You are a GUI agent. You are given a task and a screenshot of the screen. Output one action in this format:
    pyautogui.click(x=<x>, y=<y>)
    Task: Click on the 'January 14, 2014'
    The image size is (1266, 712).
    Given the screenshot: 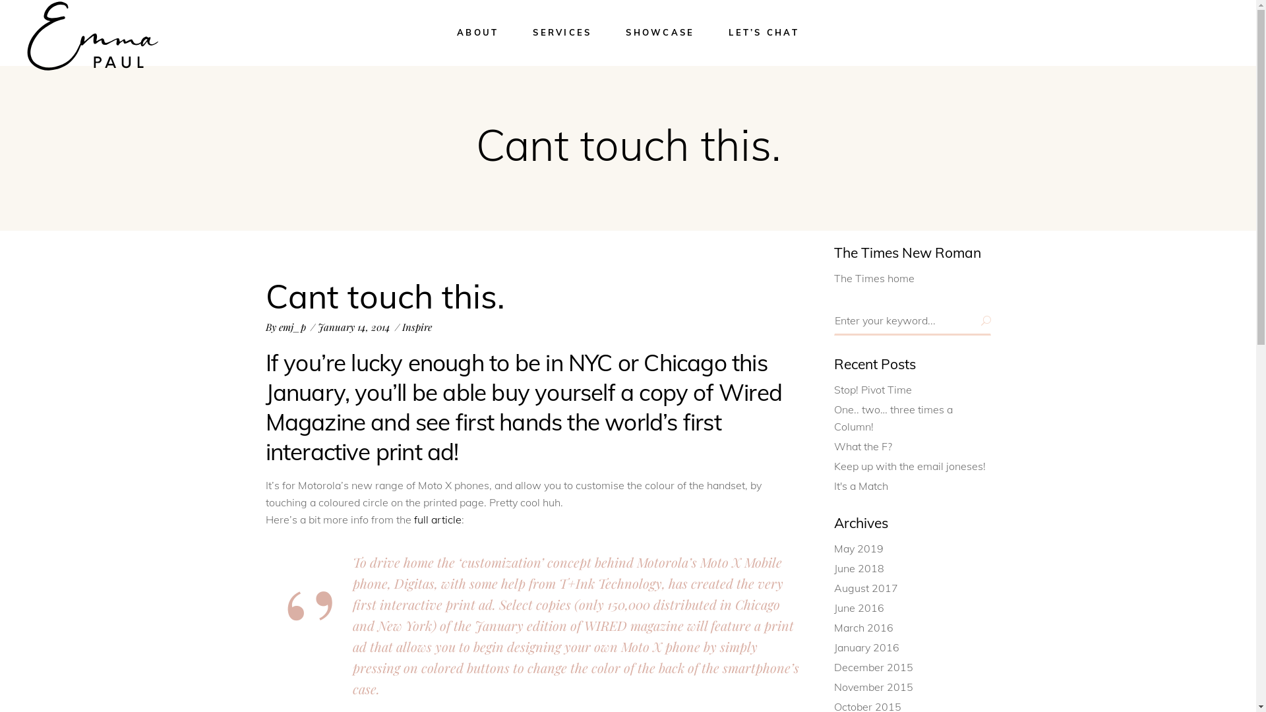 What is the action you would take?
    pyautogui.click(x=354, y=326)
    